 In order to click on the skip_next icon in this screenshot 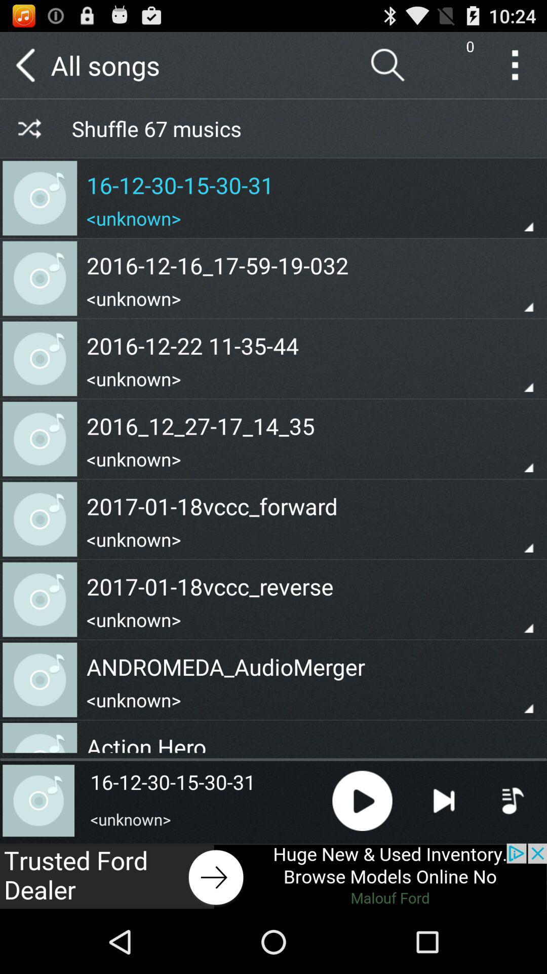, I will do `click(443, 856)`.